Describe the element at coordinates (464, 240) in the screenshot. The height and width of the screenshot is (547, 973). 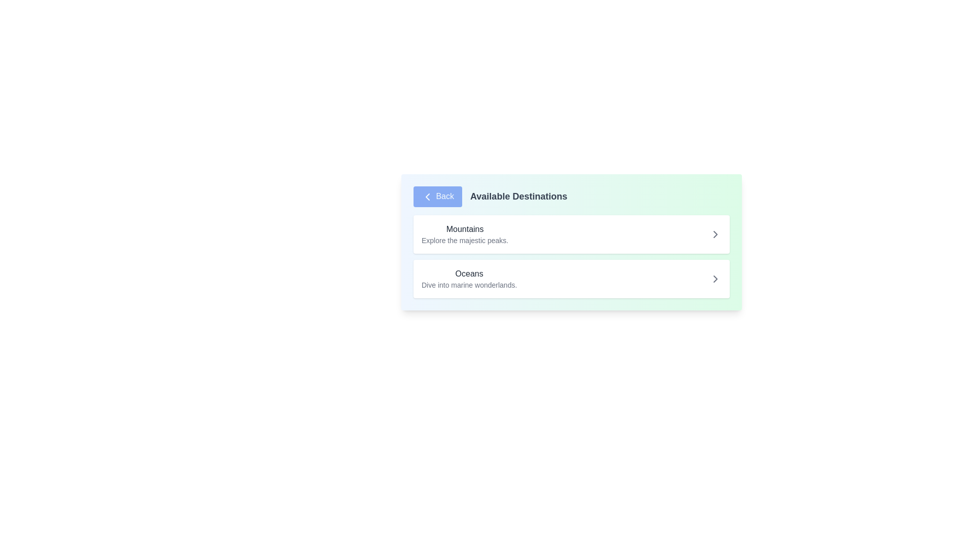
I see `the descriptive text element located below the 'Mountains' title in the first card of the list` at that location.